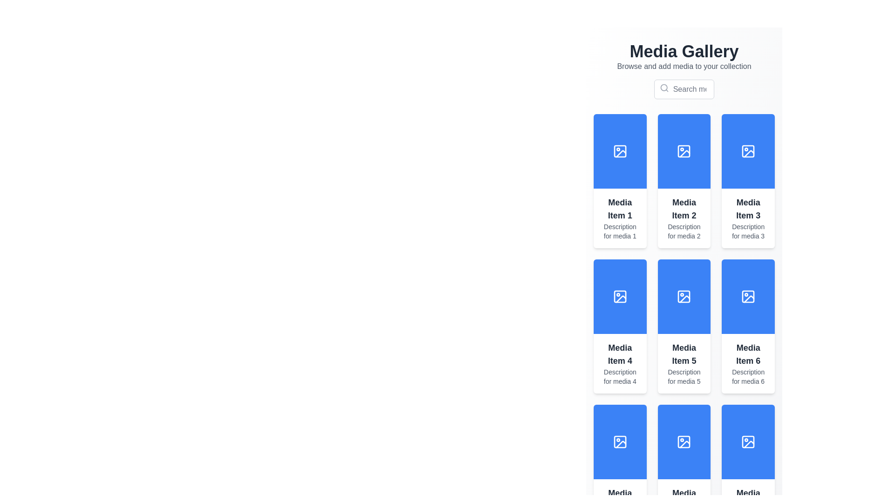  I want to click on the text label displaying 'Browse and add media to your collection', which is centered below the 'Media Gallery' header, so click(684, 66).